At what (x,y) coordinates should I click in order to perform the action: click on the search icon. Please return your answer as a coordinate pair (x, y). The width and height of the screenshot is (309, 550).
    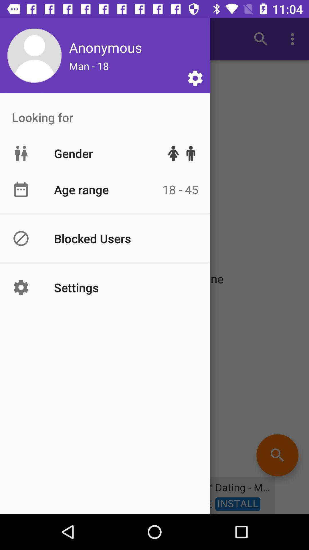
    Looking at the image, I should click on (277, 455).